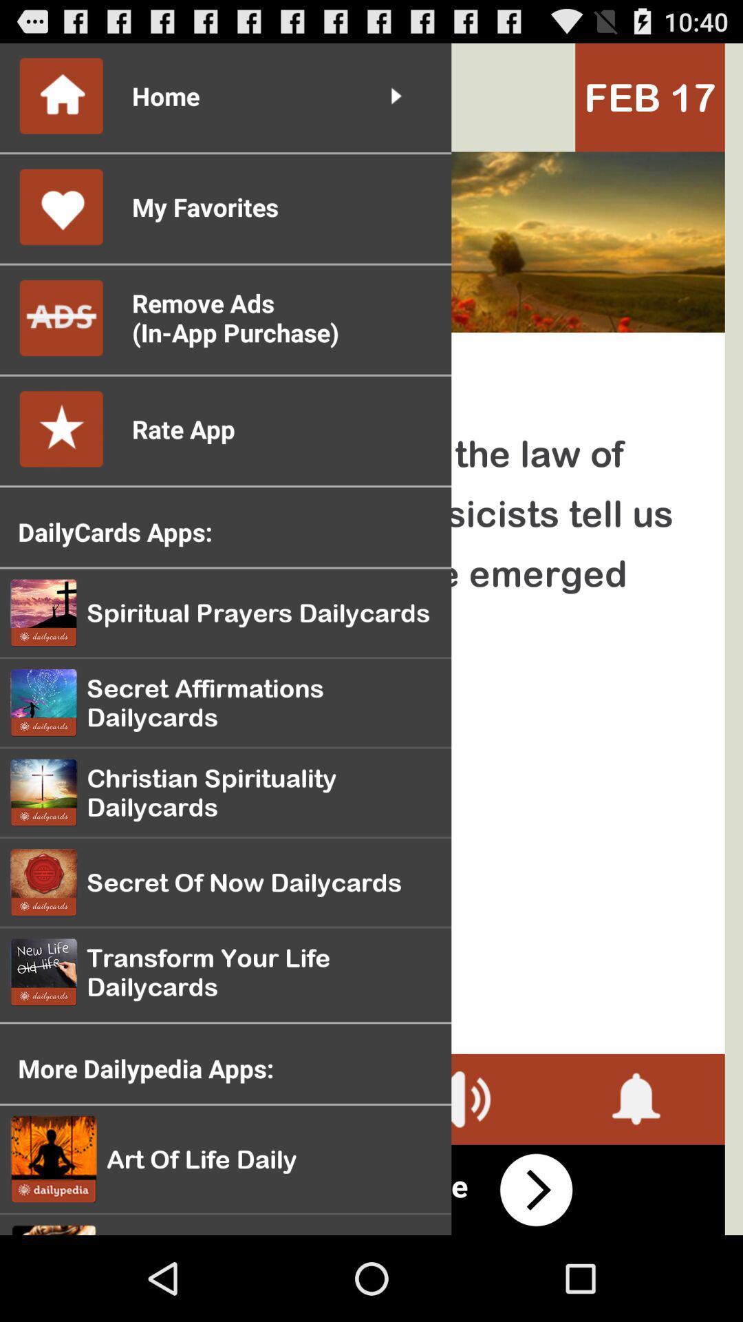  What do you see at coordinates (636, 1175) in the screenshot?
I see `the notifications icon` at bounding box center [636, 1175].